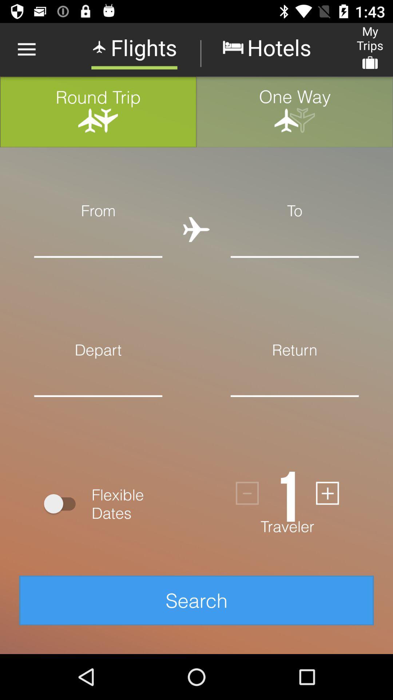  What do you see at coordinates (98, 407) in the screenshot?
I see `departure date` at bounding box center [98, 407].